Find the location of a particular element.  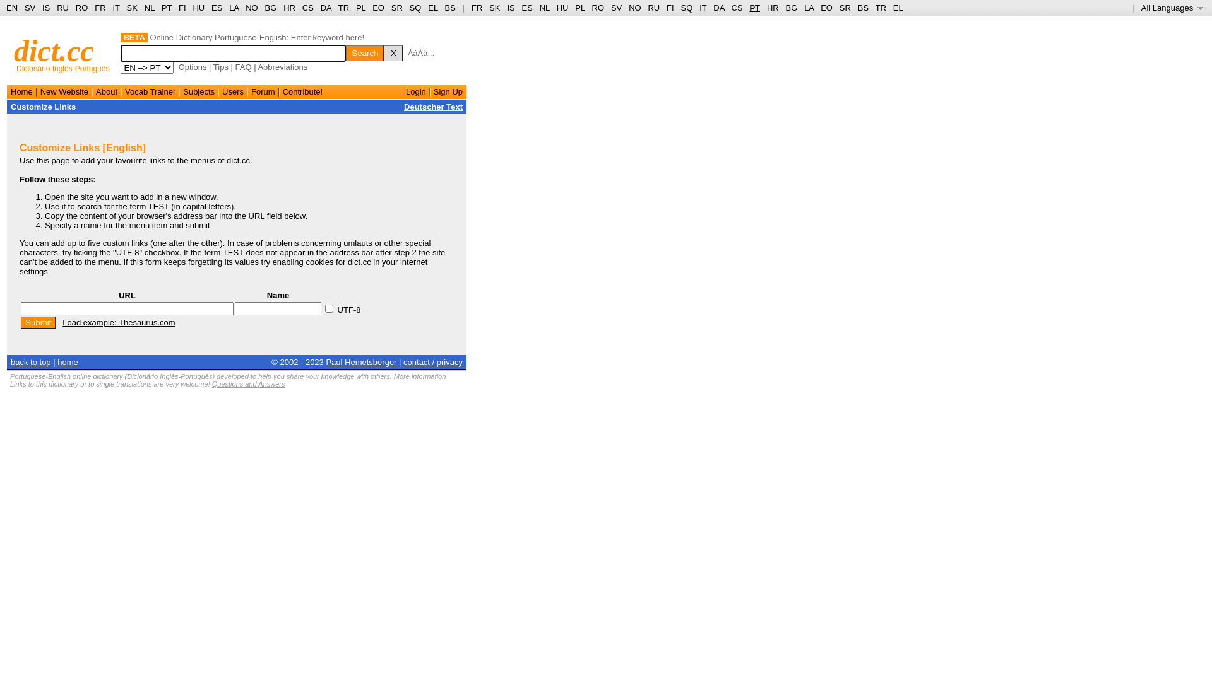

'NO' is located at coordinates (635, 8).